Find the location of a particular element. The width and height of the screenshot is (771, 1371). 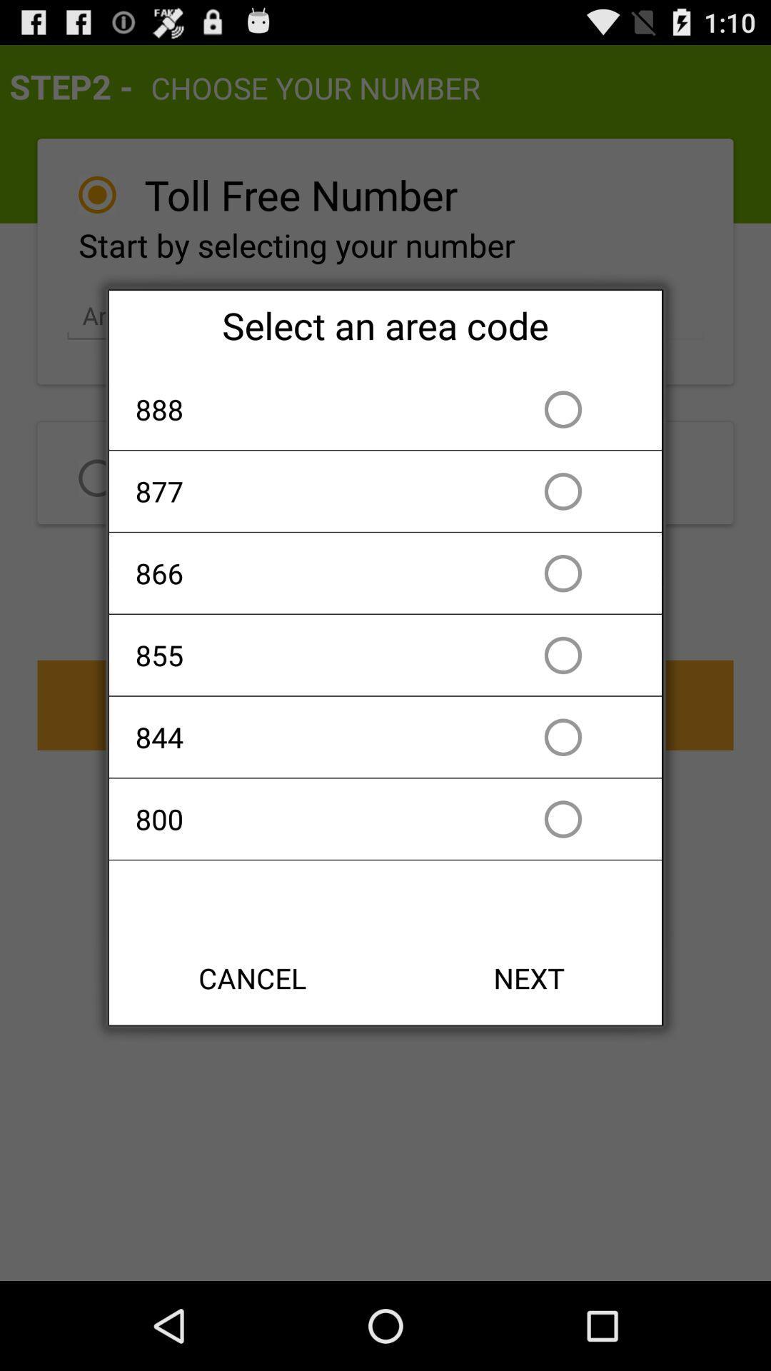

button to the left of the next is located at coordinates (252, 977).